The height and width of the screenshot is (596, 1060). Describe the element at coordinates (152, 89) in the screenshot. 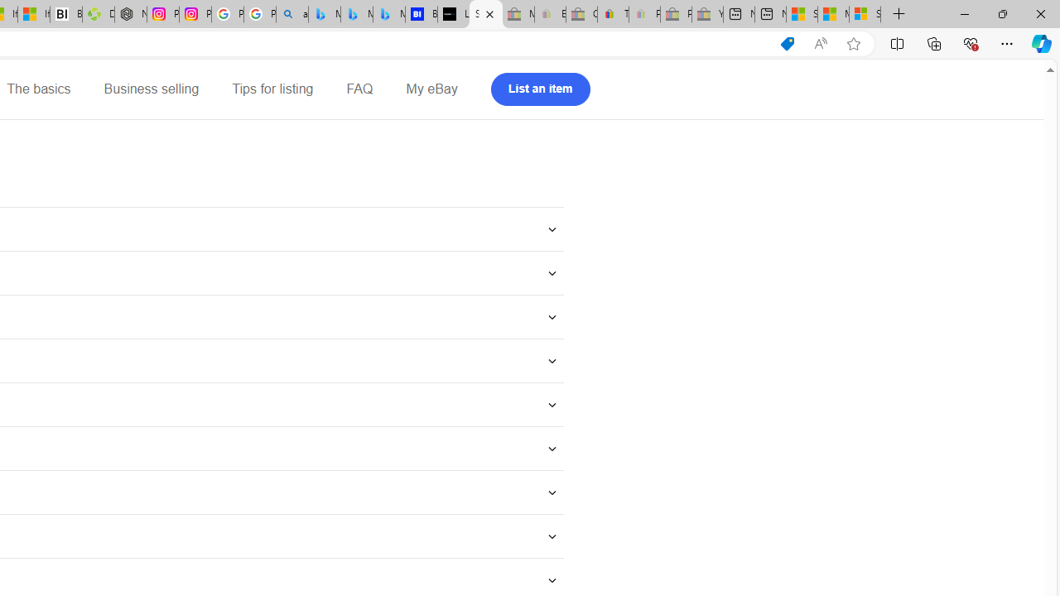

I see `'Business selling'` at that location.